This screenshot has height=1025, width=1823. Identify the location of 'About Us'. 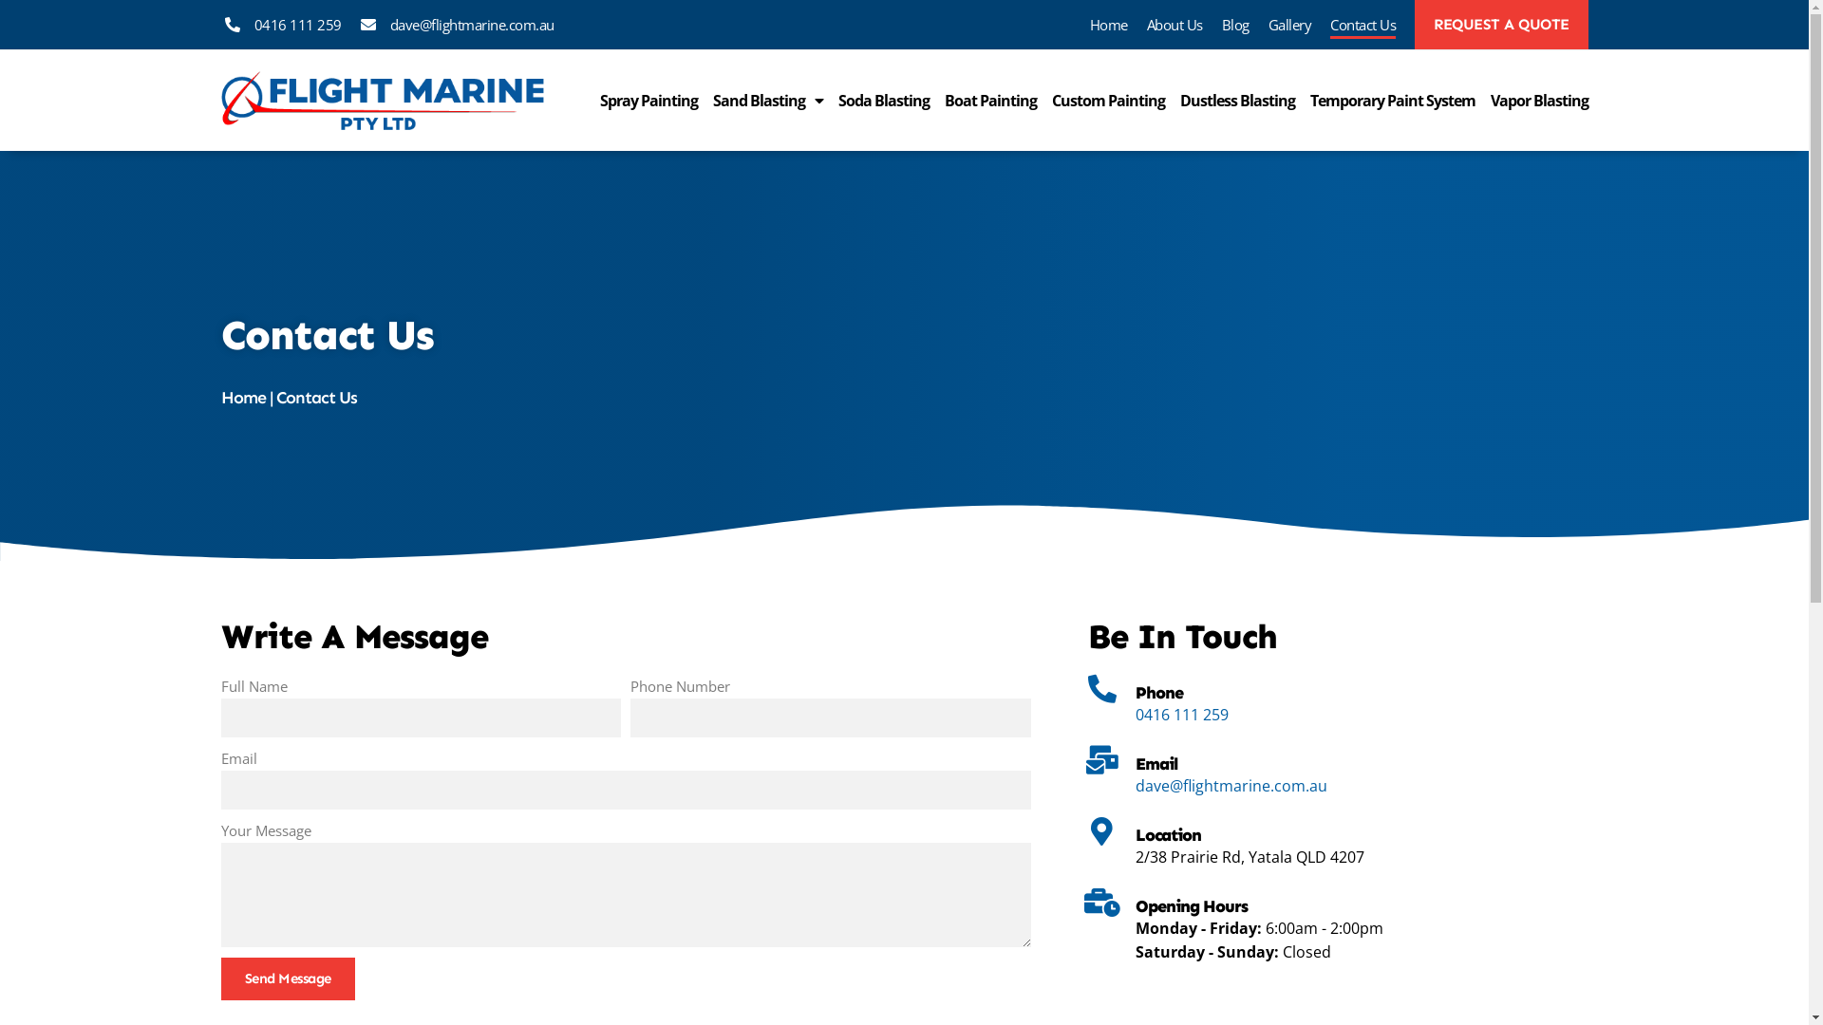
(1174, 25).